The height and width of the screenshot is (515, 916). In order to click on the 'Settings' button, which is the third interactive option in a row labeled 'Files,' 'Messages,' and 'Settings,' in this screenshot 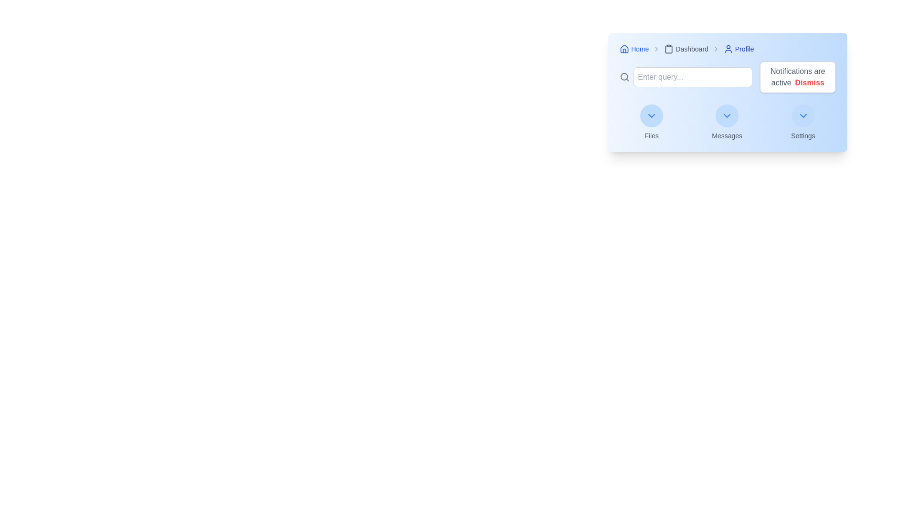, I will do `click(802, 122)`.